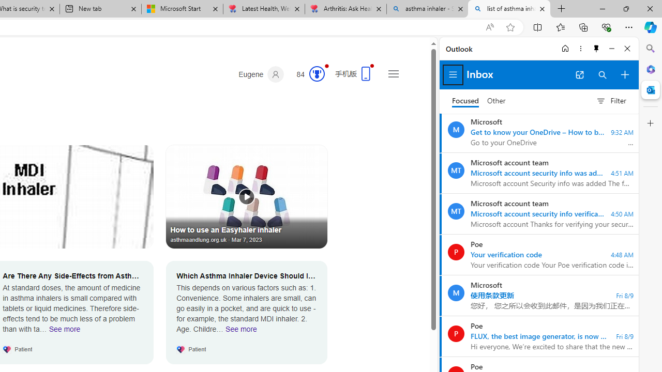 Image resolution: width=662 pixels, height=372 pixels. What do you see at coordinates (393, 73) in the screenshot?
I see `'Settings and quick links'` at bounding box center [393, 73].